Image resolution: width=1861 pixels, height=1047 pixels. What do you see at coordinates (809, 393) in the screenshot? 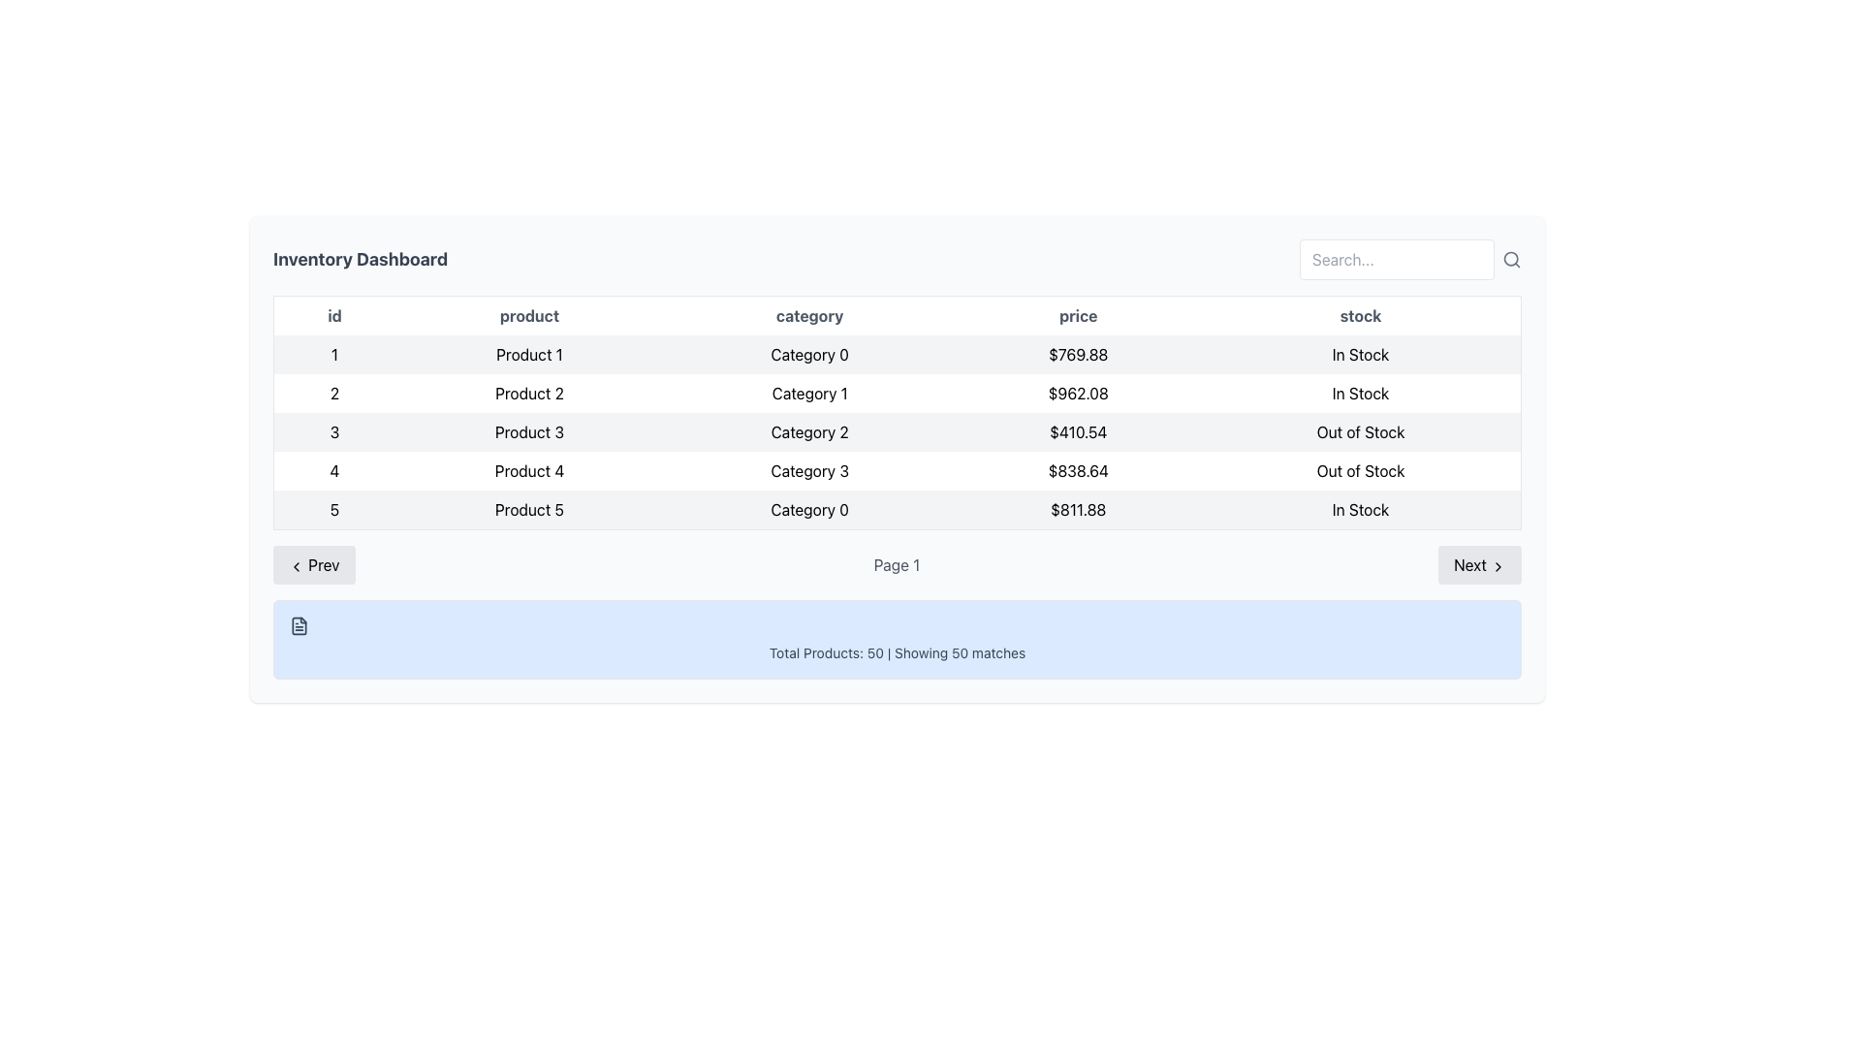
I see `text displayed in the 'Category 1' cell, which is located in the third column of the second row of the table under the 'category' column` at bounding box center [809, 393].